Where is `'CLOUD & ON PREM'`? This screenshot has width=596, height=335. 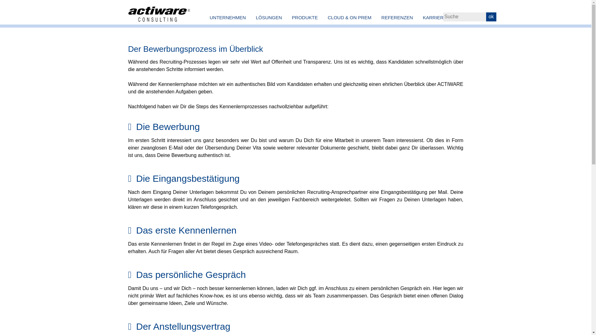 'CLOUD & ON PREM' is located at coordinates (323, 17).